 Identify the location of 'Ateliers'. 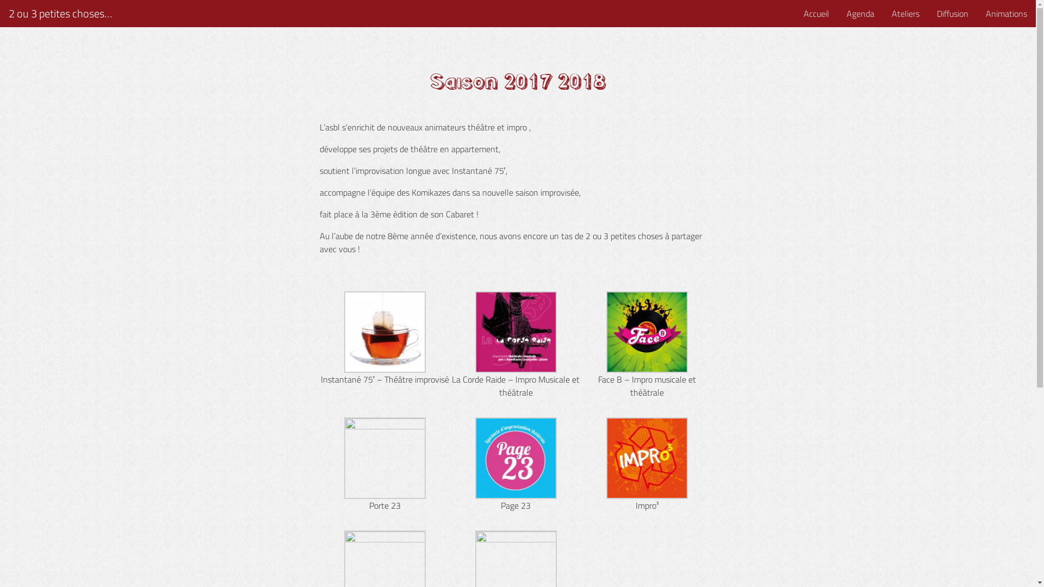
(905, 13).